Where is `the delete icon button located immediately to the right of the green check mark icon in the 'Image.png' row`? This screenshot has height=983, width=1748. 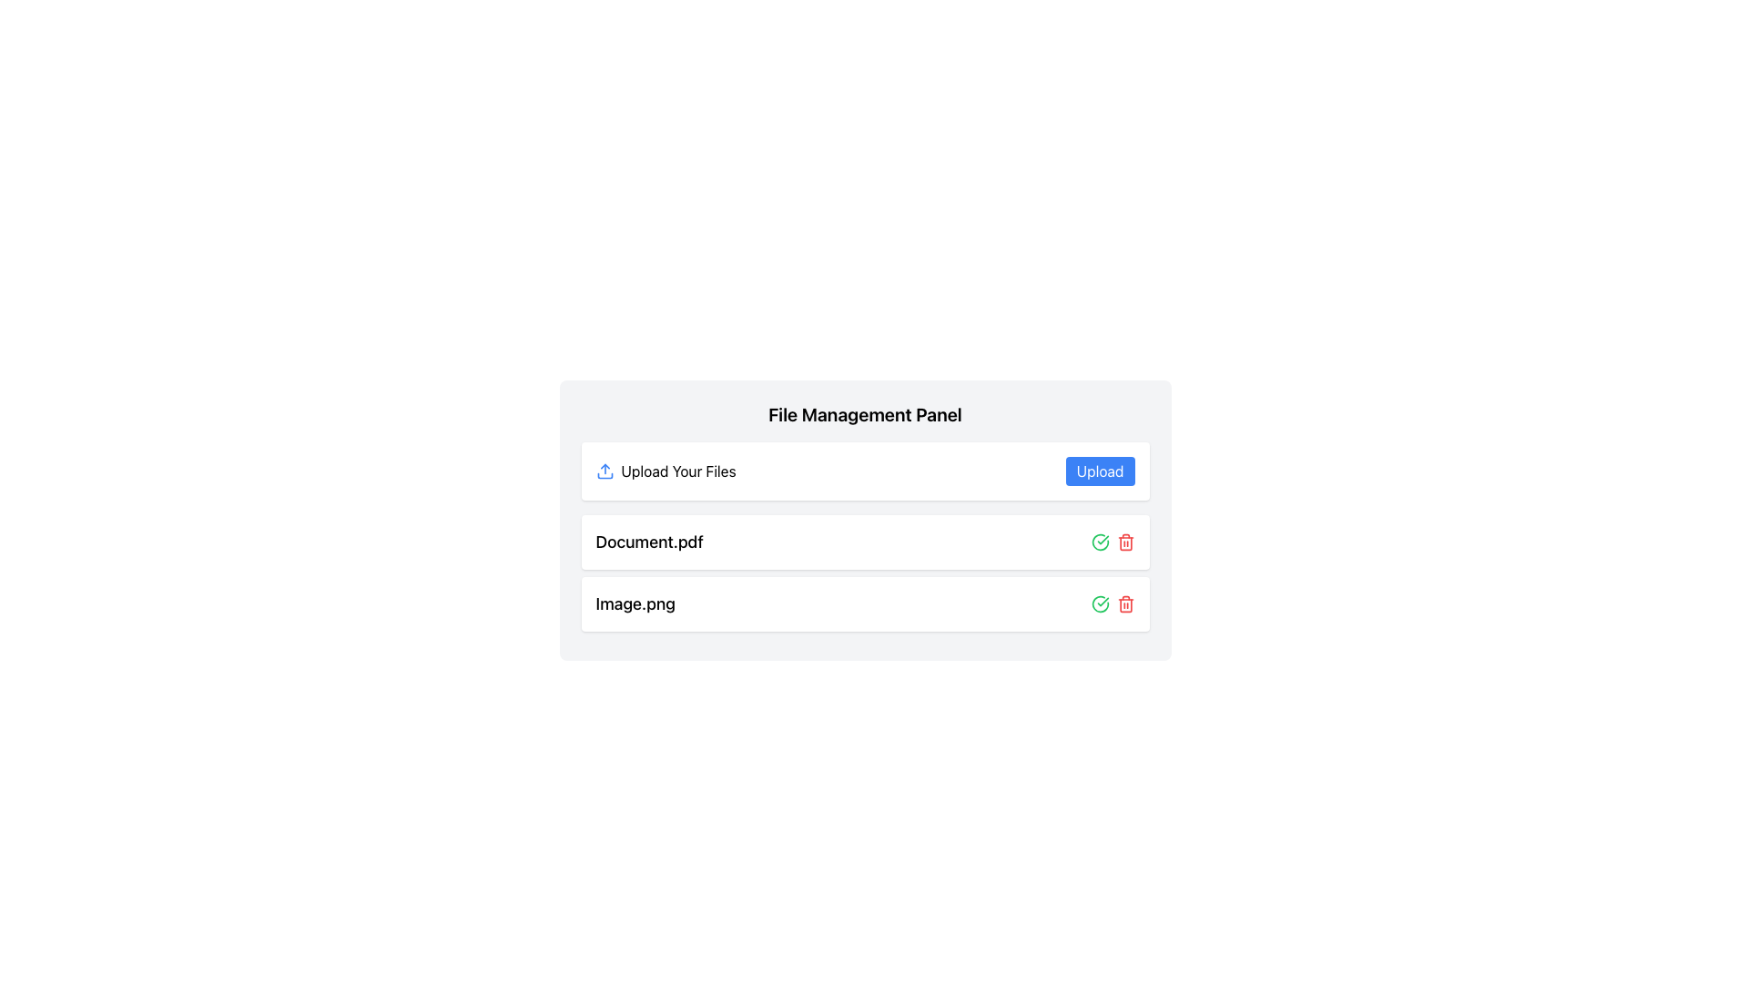
the delete icon button located immediately to the right of the green check mark icon in the 'Image.png' row is located at coordinates (1124, 603).